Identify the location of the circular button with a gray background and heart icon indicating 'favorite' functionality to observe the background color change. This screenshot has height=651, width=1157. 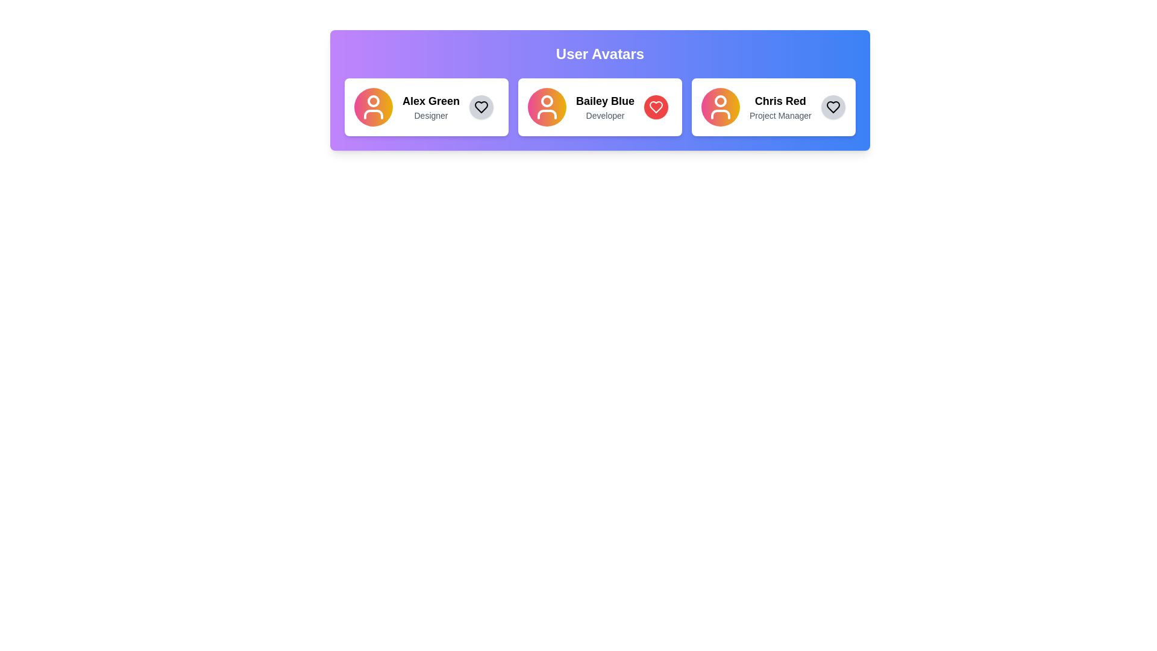
(481, 106).